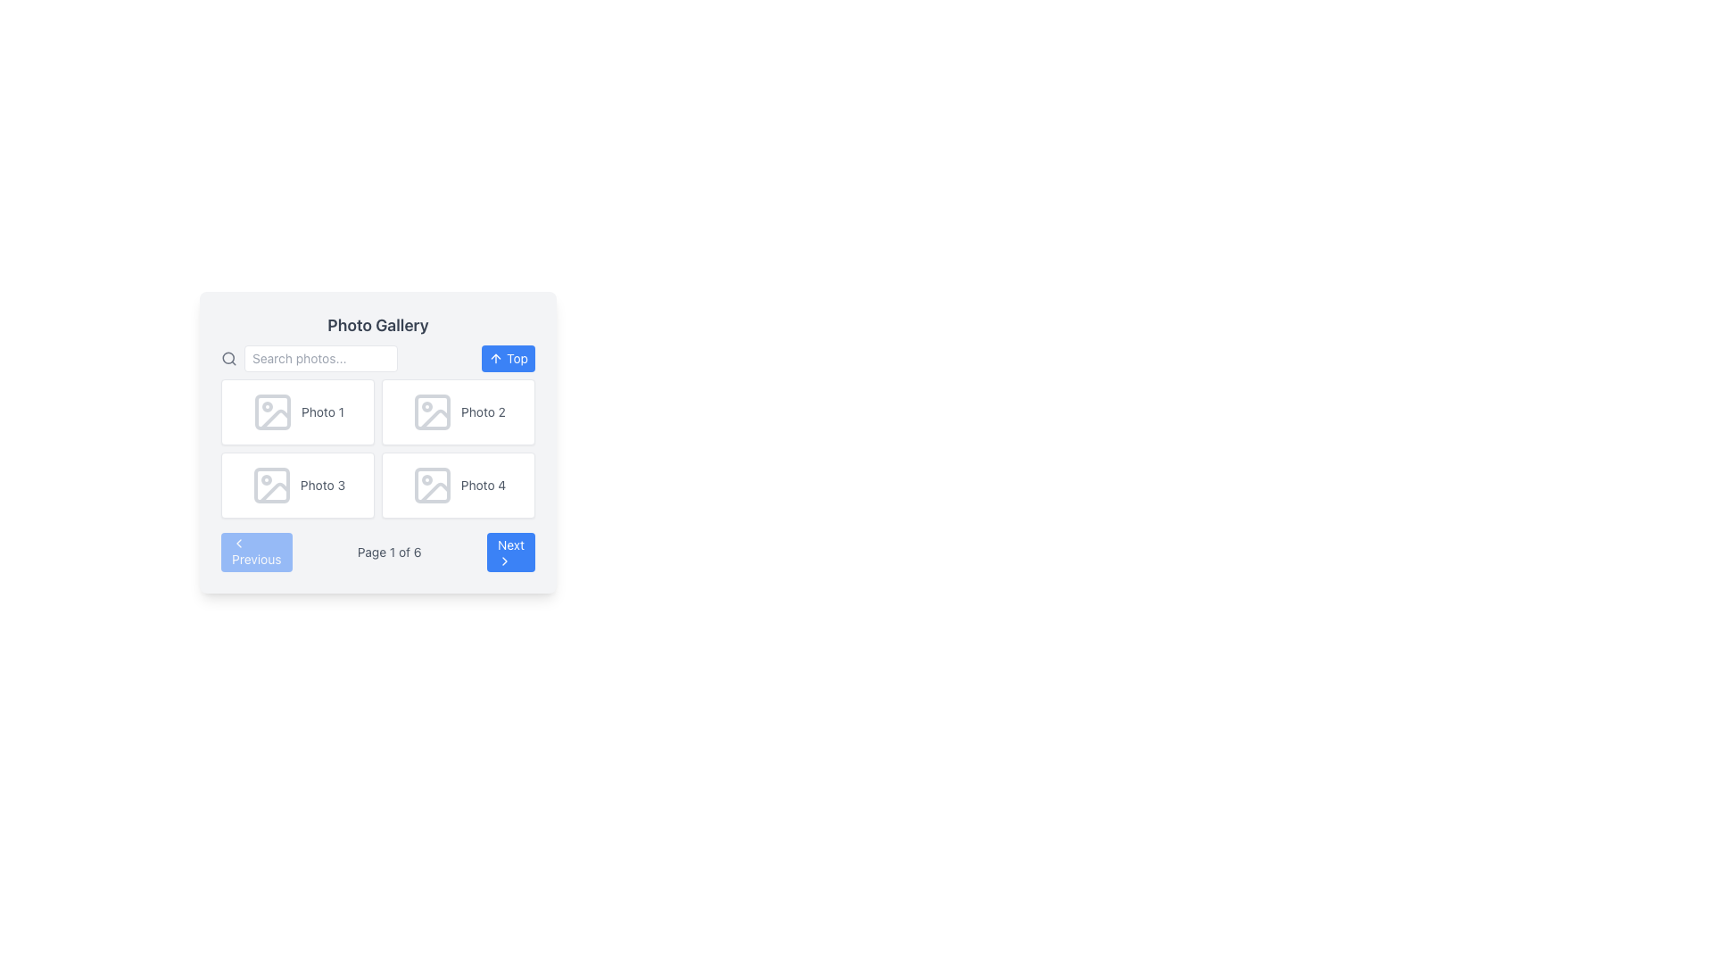 This screenshot has height=964, width=1713. Describe the element at coordinates (388, 551) in the screenshot. I see `the text label displaying 'Page 1 of 6', which is located at the center lower part of the pagination control` at that location.